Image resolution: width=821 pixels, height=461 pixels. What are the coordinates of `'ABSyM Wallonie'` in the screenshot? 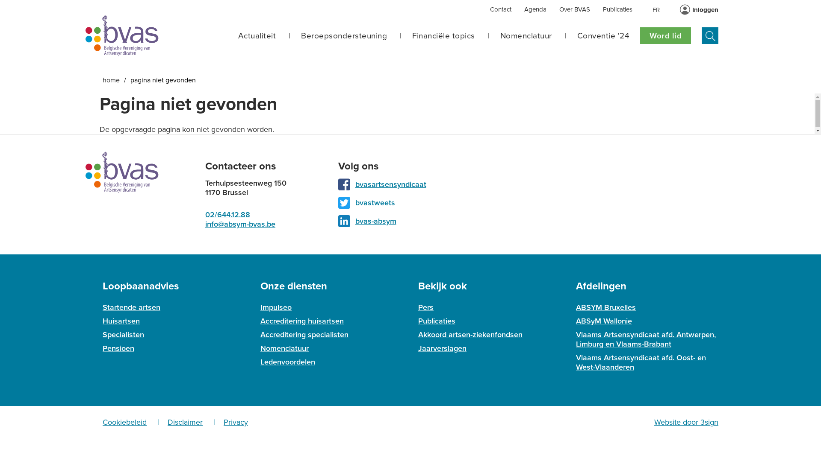 It's located at (603, 321).